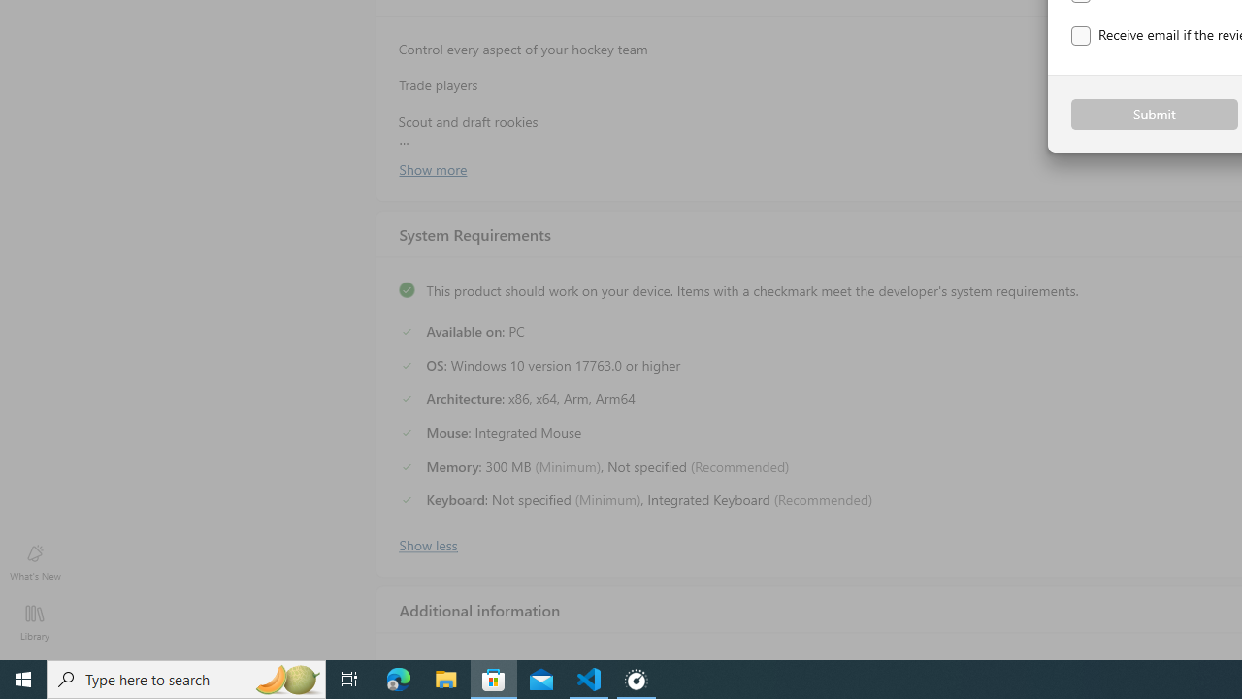 The width and height of the screenshot is (1242, 699). I want to click on 'Show more', so click(431, 167).